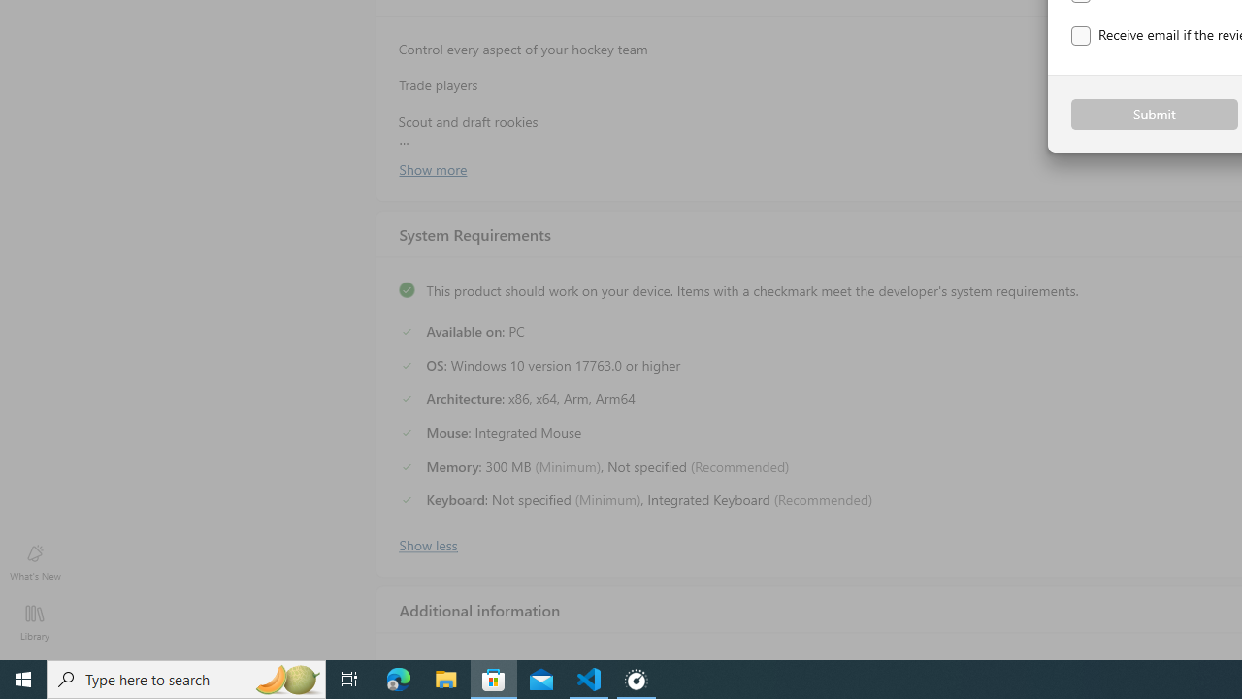 The width and height of the screenshot is (1242, 699). I want to click on 'Show more', so click(431, 167).